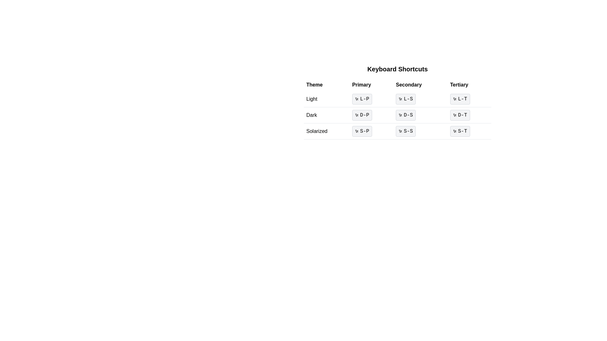 This screenshot has height=341, width=607. Describe the element at coordinates (397, 85) in the screenshot. I see `the table header row displaying 'ThemePrimarySecondaryTertiary', which encapsulates the column headers 'Theme', 'Primary', 'Secondary', 'Tertiary'` at that location.